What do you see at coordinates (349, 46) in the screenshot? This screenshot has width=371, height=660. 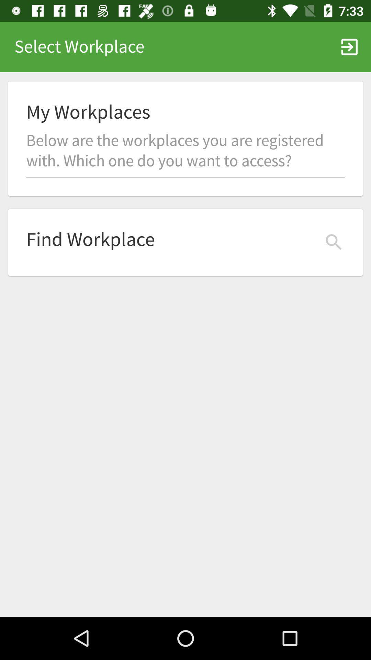 I see `icon at the top right corner` at bounding box center [349, 46].